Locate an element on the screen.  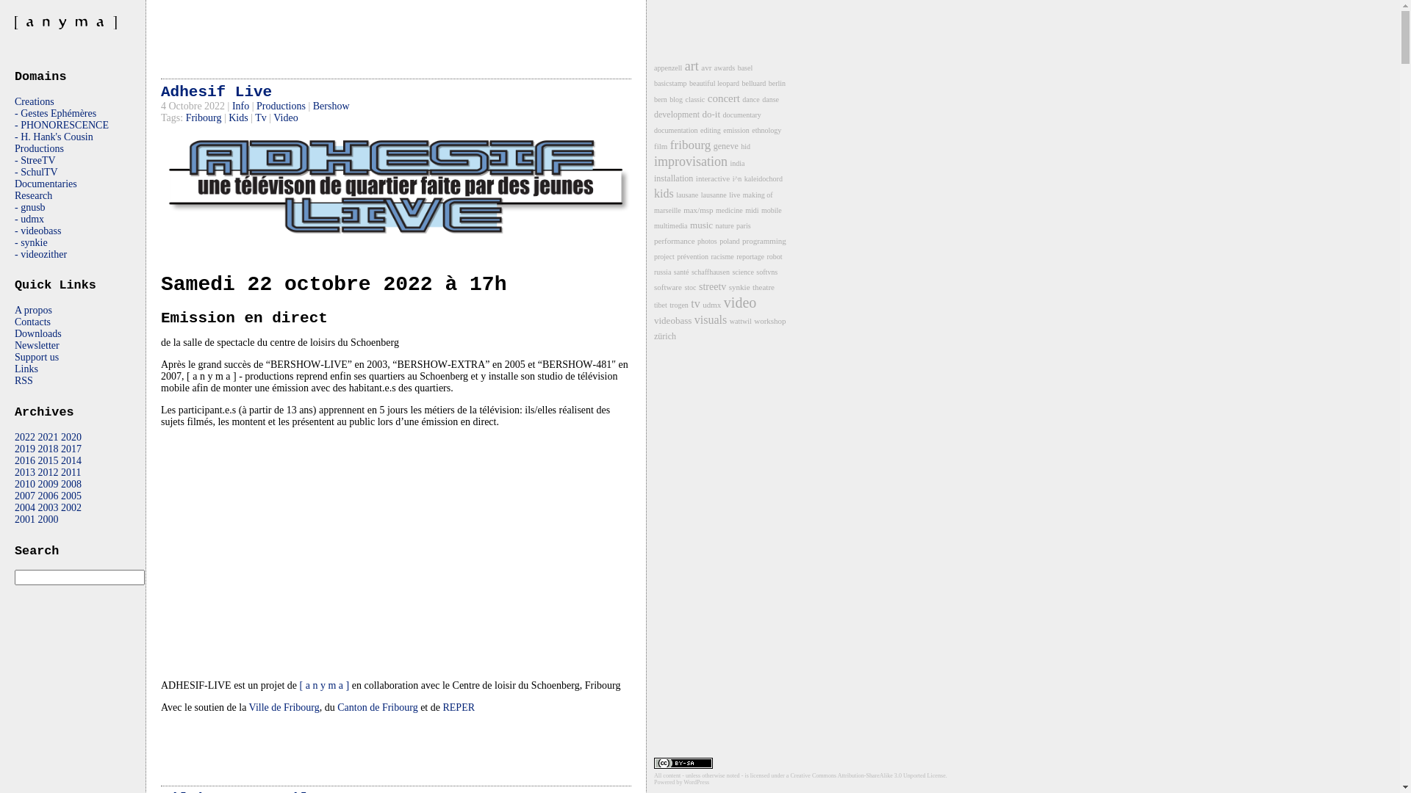
'WordPress' is located at coordinates (683, 781).